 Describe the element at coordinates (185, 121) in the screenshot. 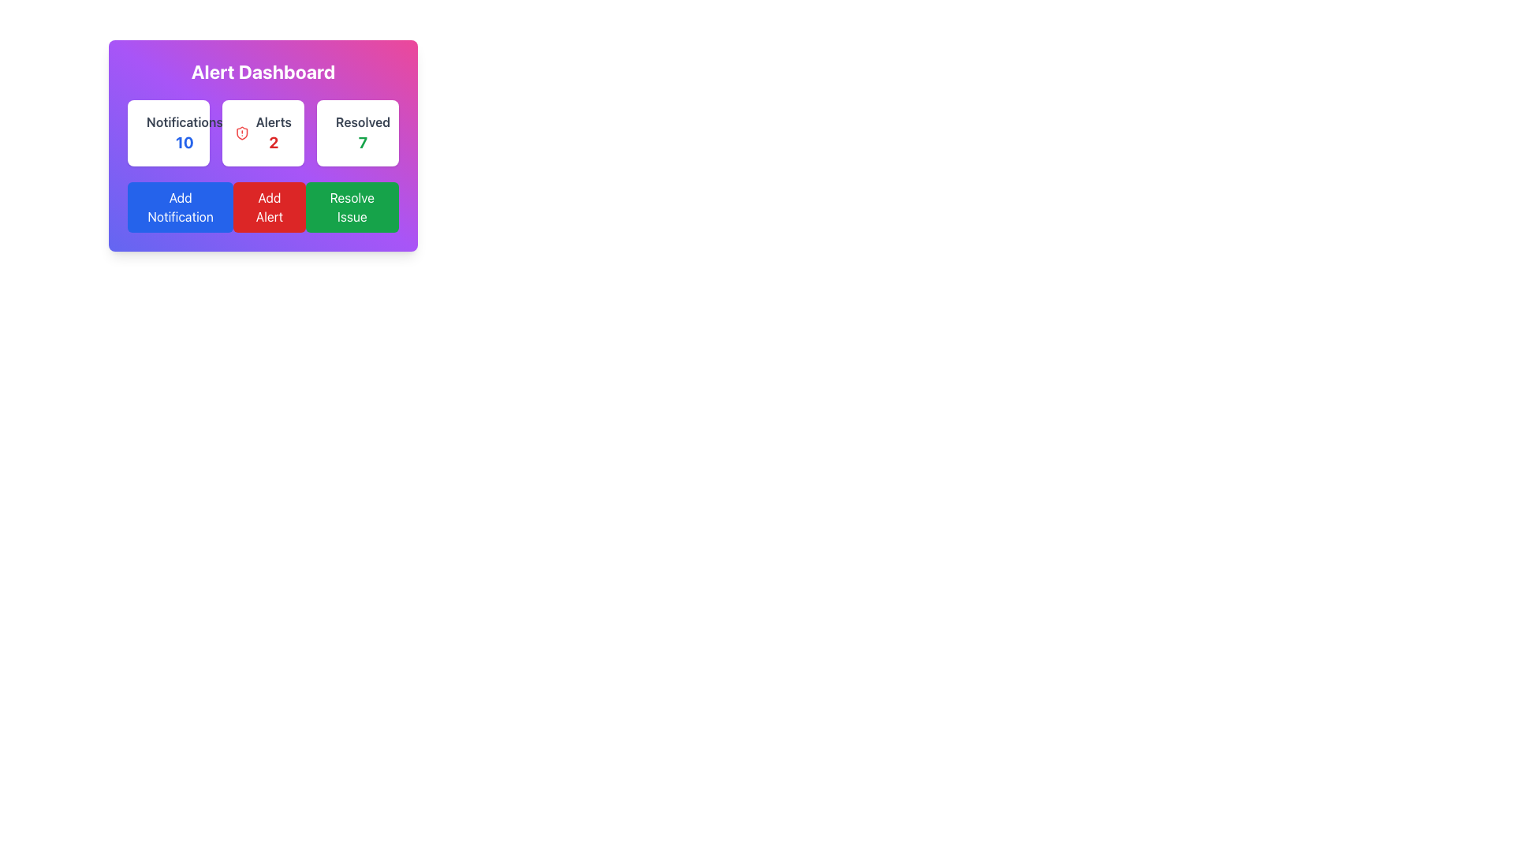

I see `the text label displaying 'Notifications' in gray font, located above the number '10' within a dashboard card on a purple background` at that location.